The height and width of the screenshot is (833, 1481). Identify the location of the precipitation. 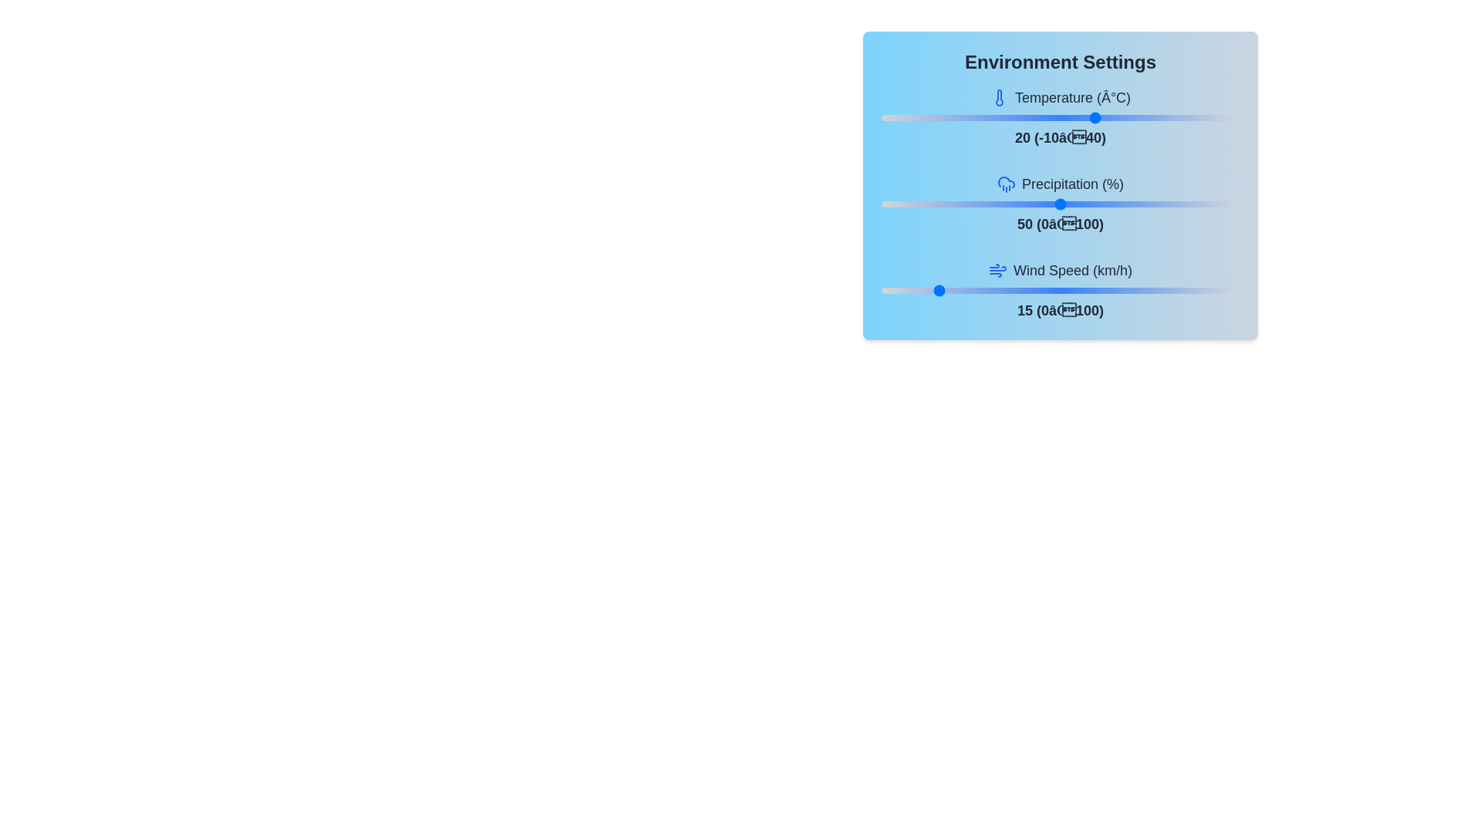
(1003, 204).